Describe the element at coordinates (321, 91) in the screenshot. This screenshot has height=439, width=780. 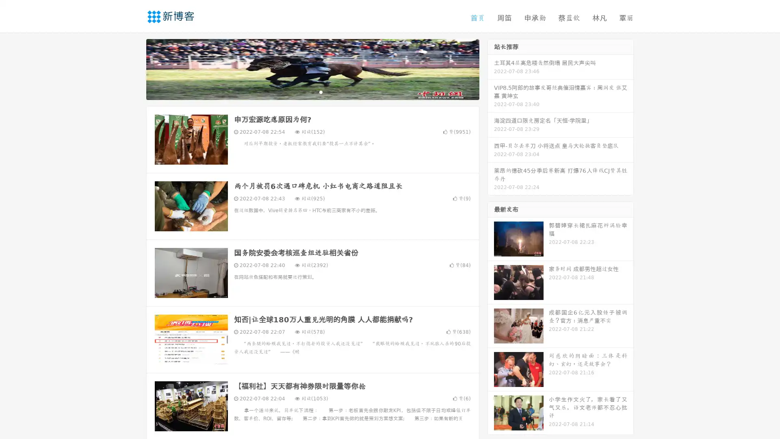
I see `Go to slide 3` at that location.